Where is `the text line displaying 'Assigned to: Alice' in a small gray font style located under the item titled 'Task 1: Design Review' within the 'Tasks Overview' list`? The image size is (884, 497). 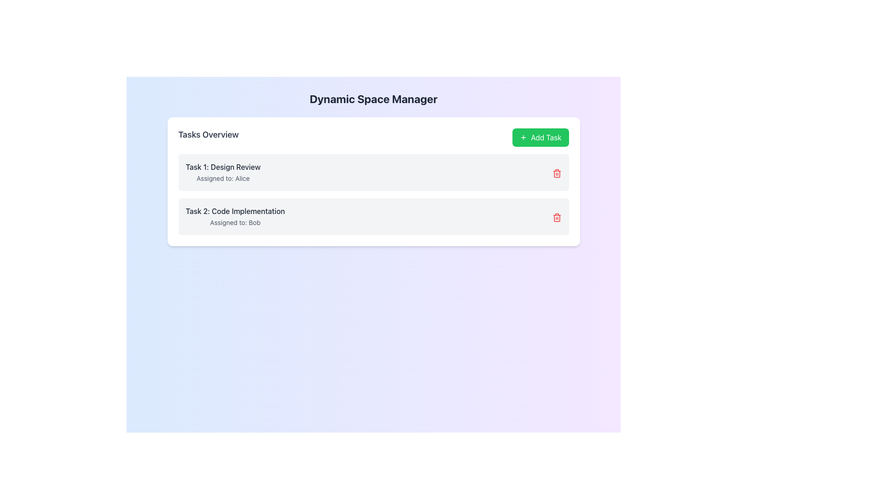 the text line displaying 'Assigned to: Alice' in a small gray font style located under the item titled 'Task 1: Design Review' within the 'Tasks Overview' list is located at coordinates (223, 178).